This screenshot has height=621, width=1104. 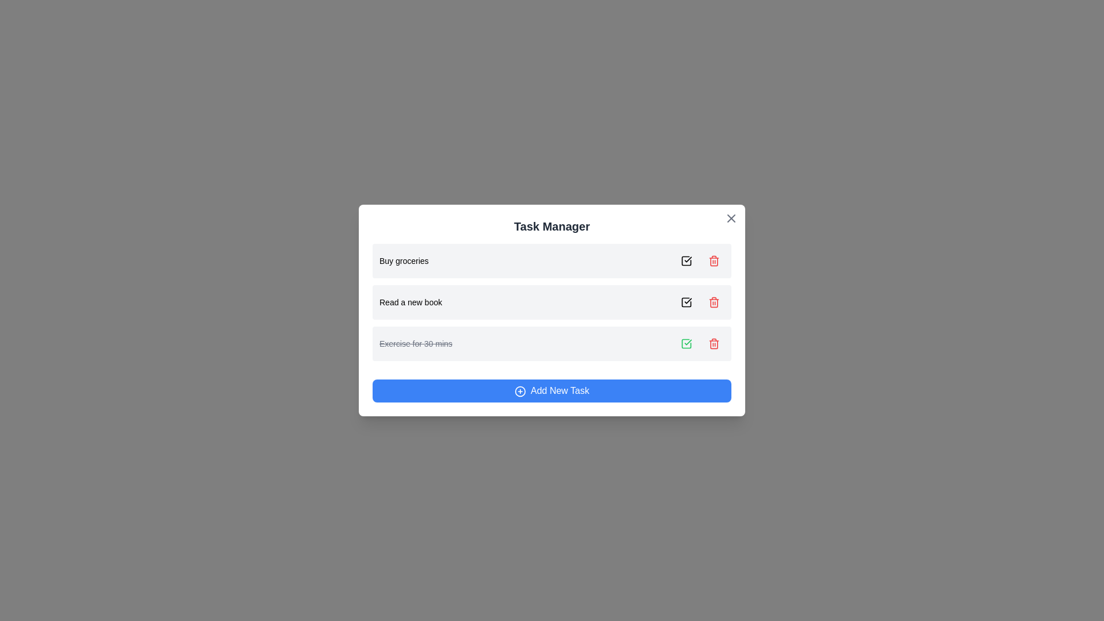 What do you see at coordinates (714, 343) in the screenshot?
I see `the rectangular outline with rounded corners that represents the trash bin icon, located at the right end of the third list item associated with the text 'Exercise for 30 mins'` at bounding box center [714, 343].